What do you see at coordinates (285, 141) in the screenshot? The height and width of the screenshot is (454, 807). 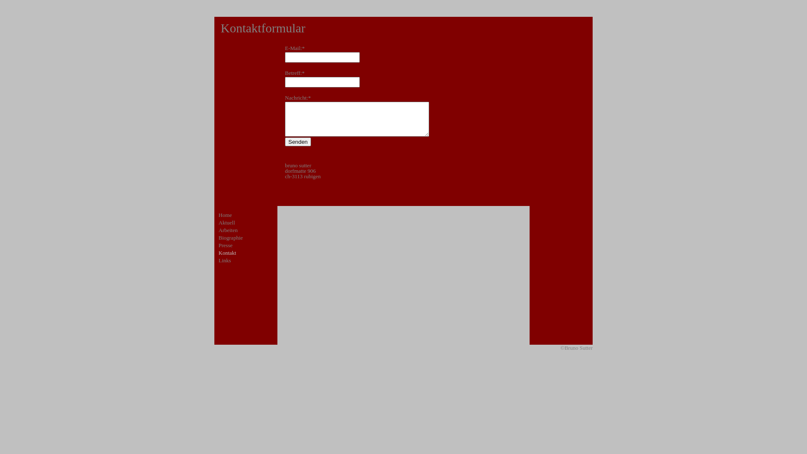 I see `'Senden'` at bounding box center [285, 141].